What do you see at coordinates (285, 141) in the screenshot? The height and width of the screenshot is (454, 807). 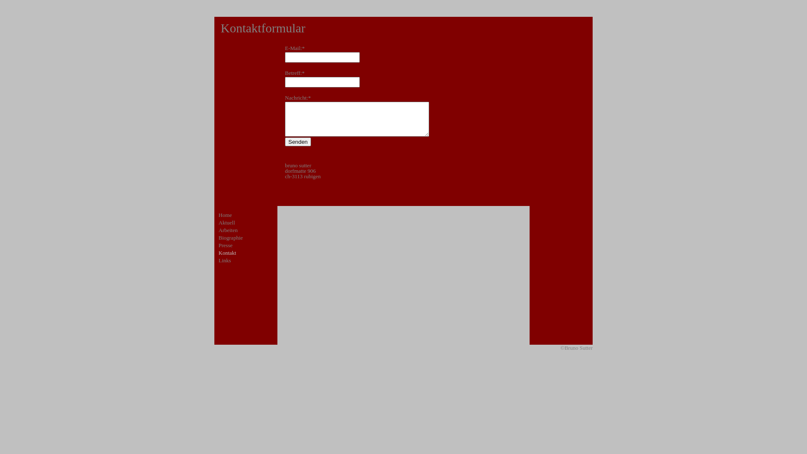 I see `'Senden'` at bounding box center [285, 141].